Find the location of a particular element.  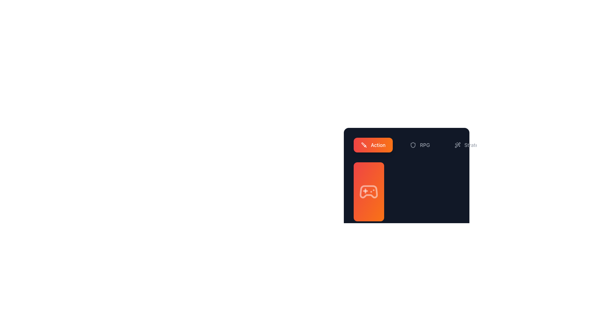

the gamepad icon, which is styled in light, semi-transparent white and located within a highlighted panel with a gradient orange background, situated below the 'Action' button in the center-left part of the interface is located at coordinates (369, 192).